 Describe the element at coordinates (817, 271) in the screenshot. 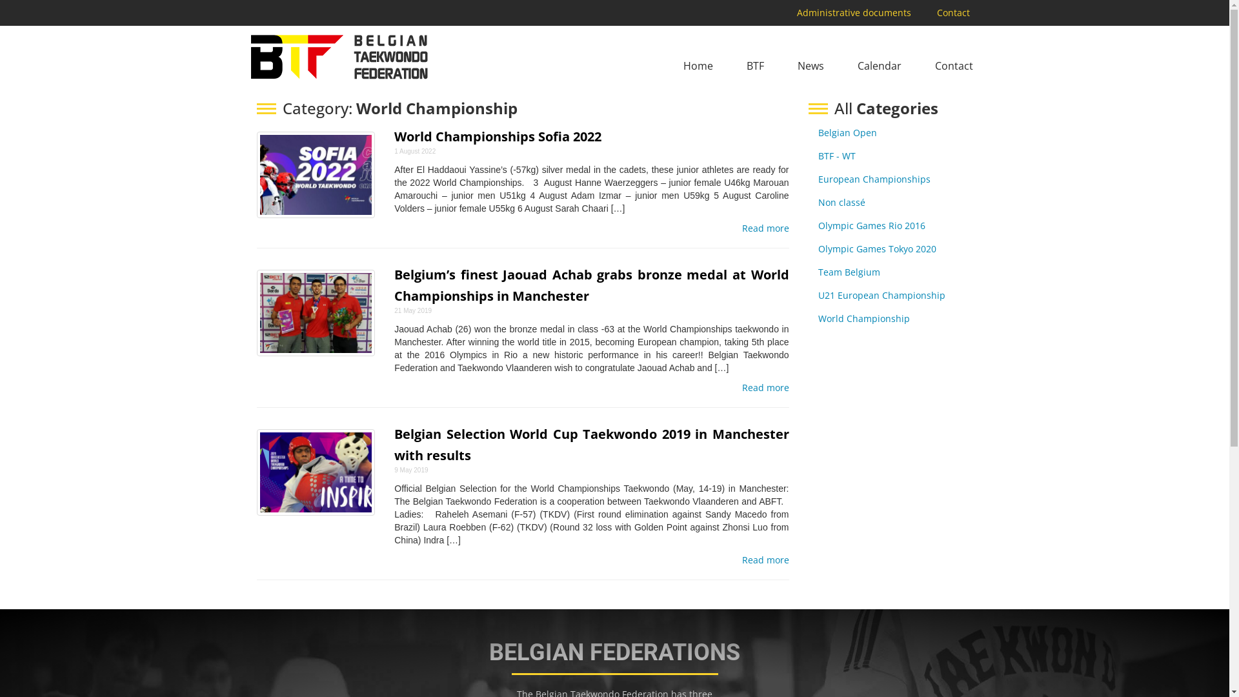

I see `'Team Belgium'` at that location.